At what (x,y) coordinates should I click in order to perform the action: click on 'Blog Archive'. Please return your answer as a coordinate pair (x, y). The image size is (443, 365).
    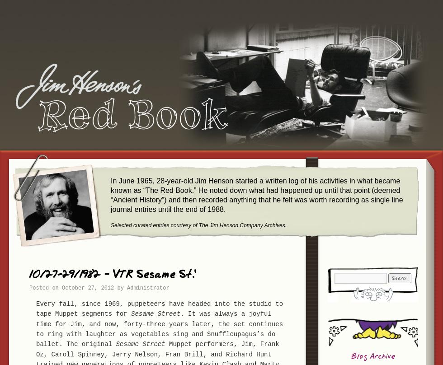
    Looking at the image, I should click on (350, 356).